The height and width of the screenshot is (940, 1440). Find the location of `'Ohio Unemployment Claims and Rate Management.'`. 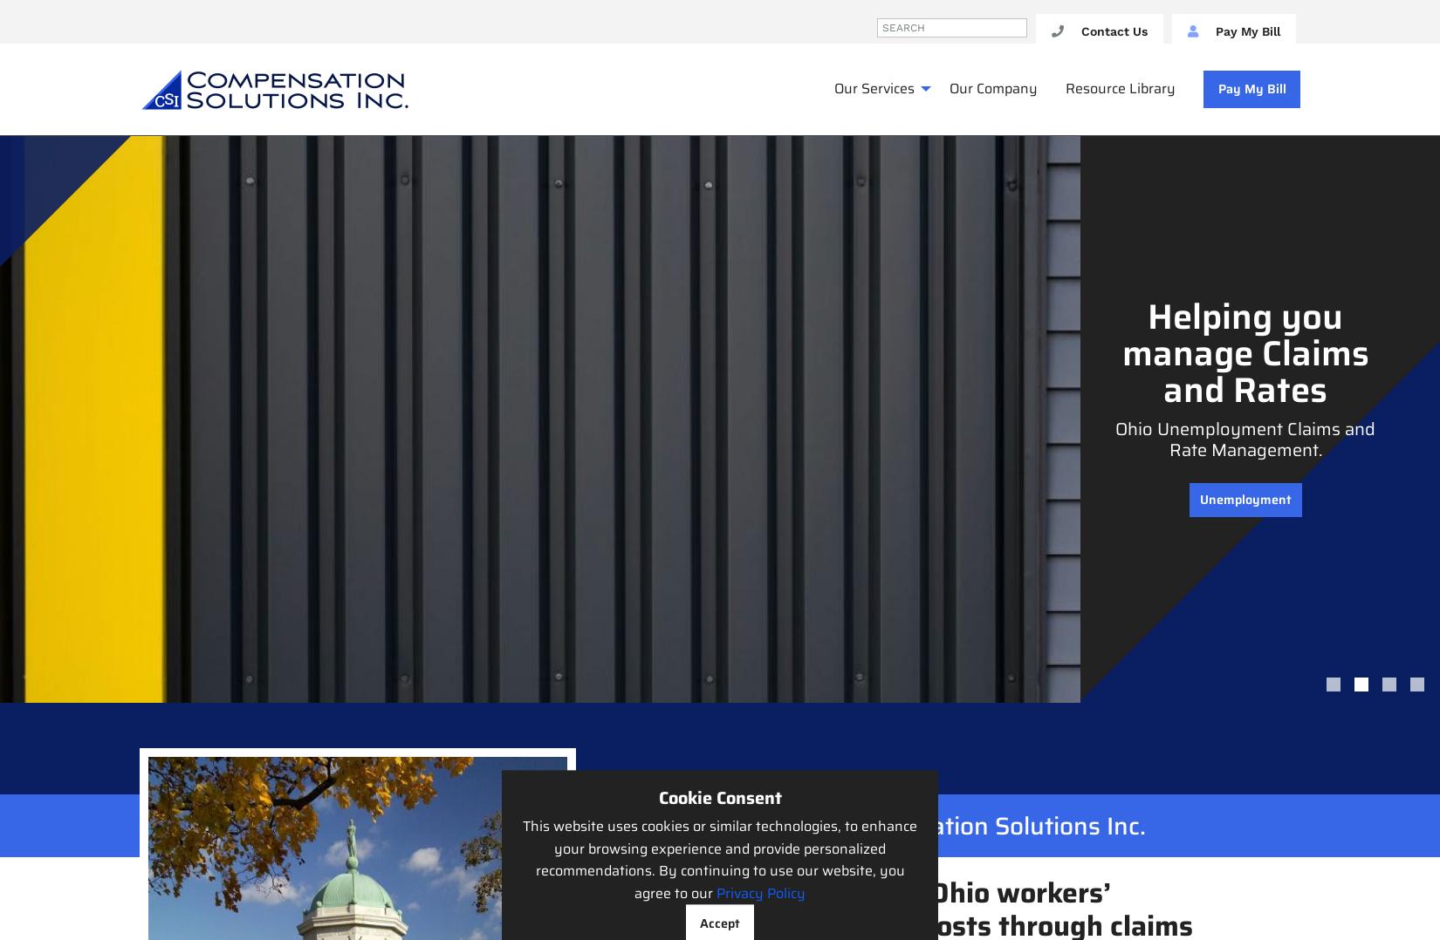

'Ohio Unemployment Claims and Rate Management.' is located at coordinates (1114, 439).